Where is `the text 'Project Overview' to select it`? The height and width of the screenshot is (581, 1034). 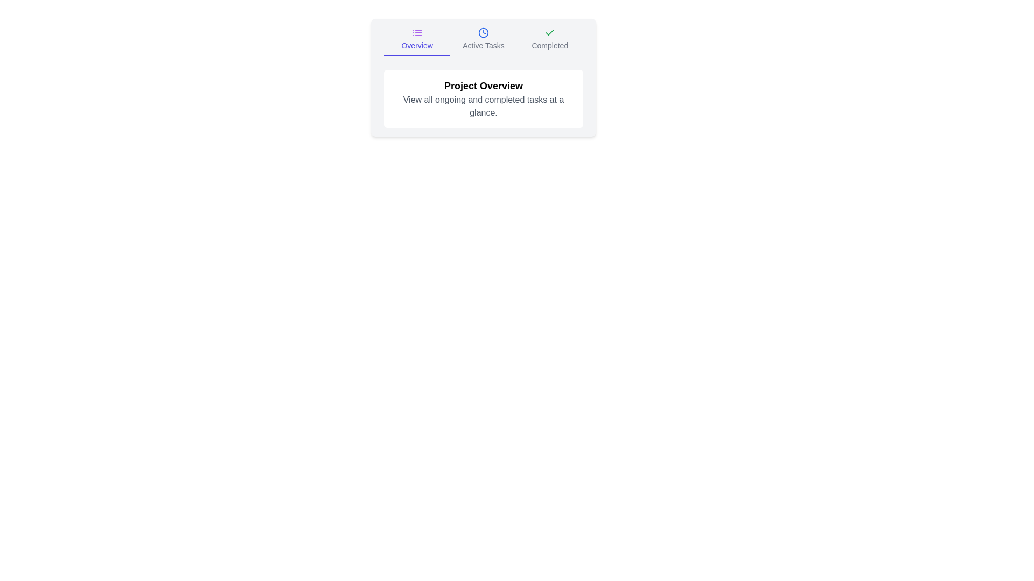
the text 'Project Overview' to select it is located at coordinates (483, 85).